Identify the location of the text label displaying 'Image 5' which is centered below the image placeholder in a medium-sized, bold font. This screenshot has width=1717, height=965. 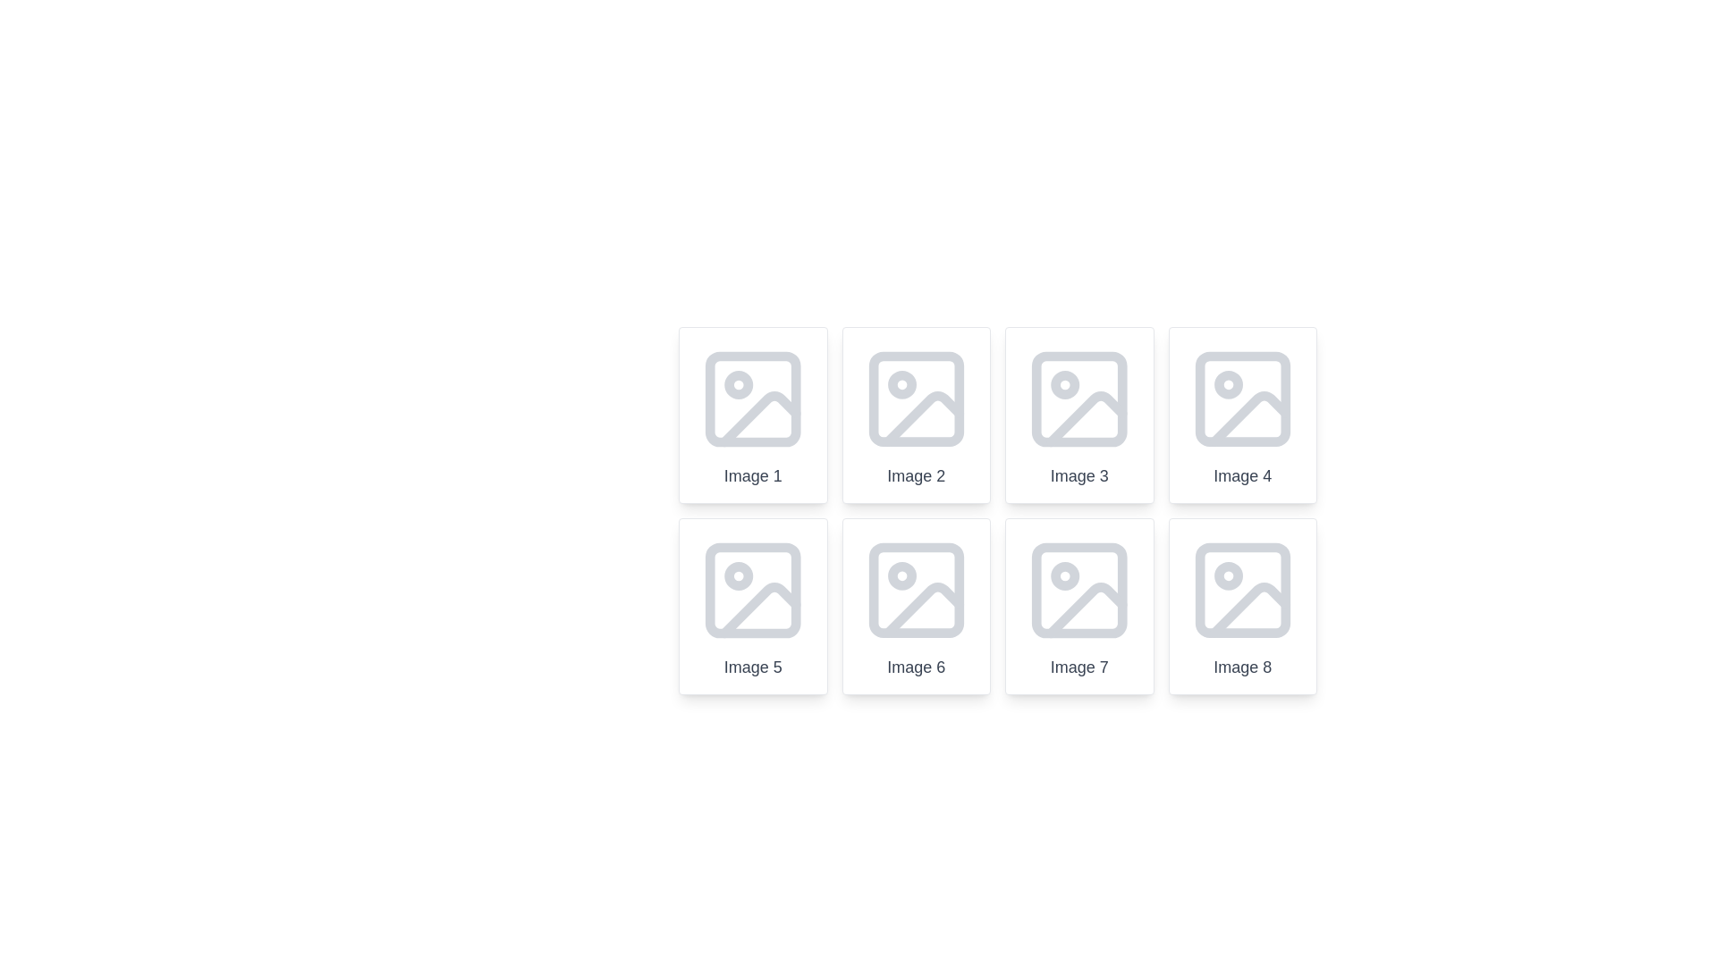
(753, 667).